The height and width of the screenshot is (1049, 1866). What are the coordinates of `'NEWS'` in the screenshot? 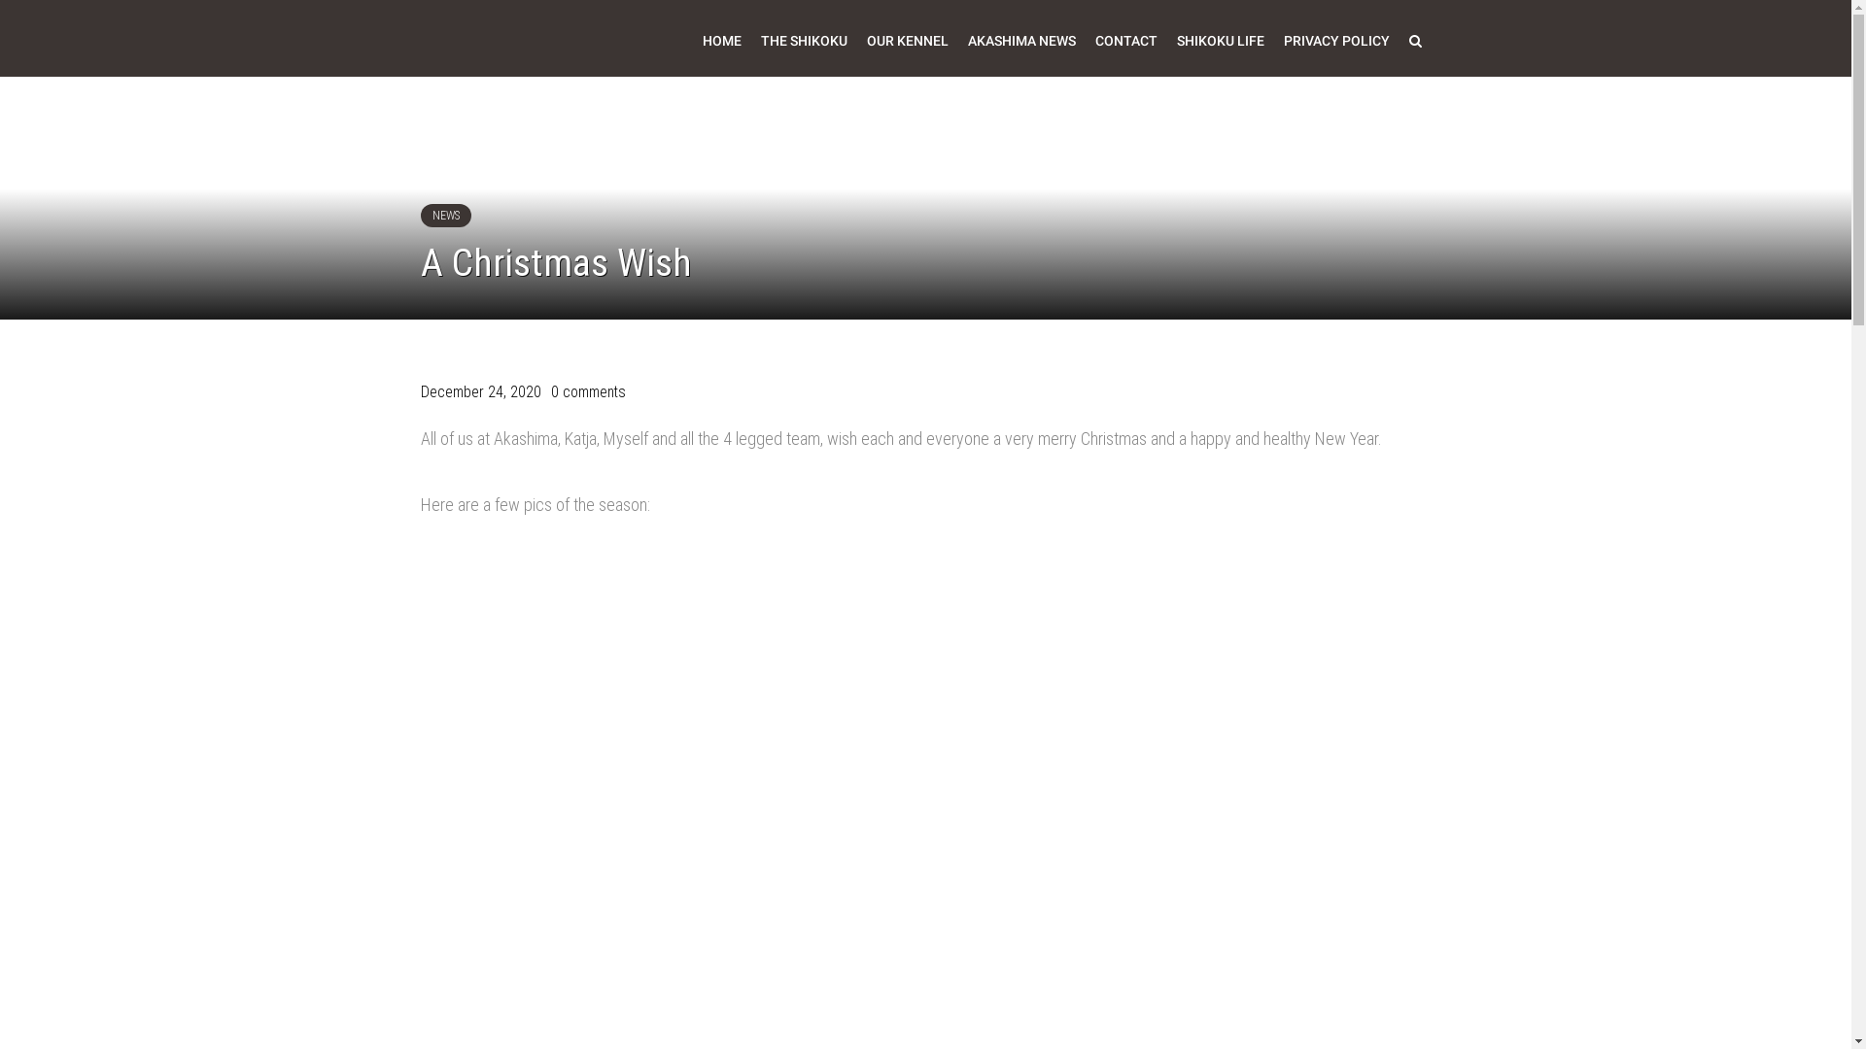 It's located at (443, 216).